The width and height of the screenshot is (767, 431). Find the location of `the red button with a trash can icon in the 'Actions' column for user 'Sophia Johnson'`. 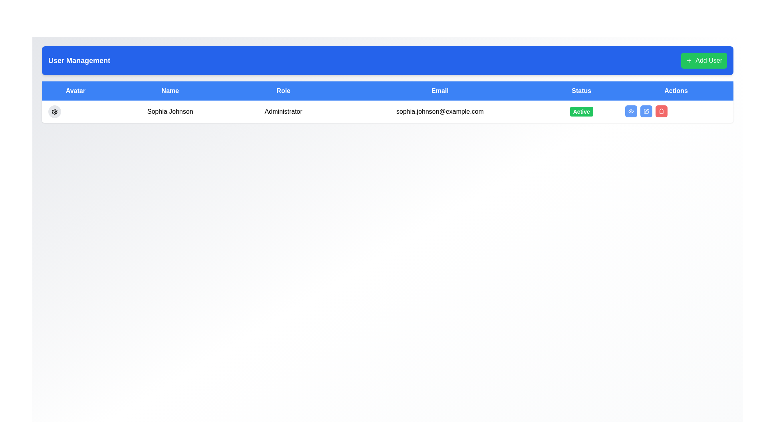

the red button with a trash can icon in the 'Actions' column for user 'Sophia Johnson' is located at coordinates (662, 111).